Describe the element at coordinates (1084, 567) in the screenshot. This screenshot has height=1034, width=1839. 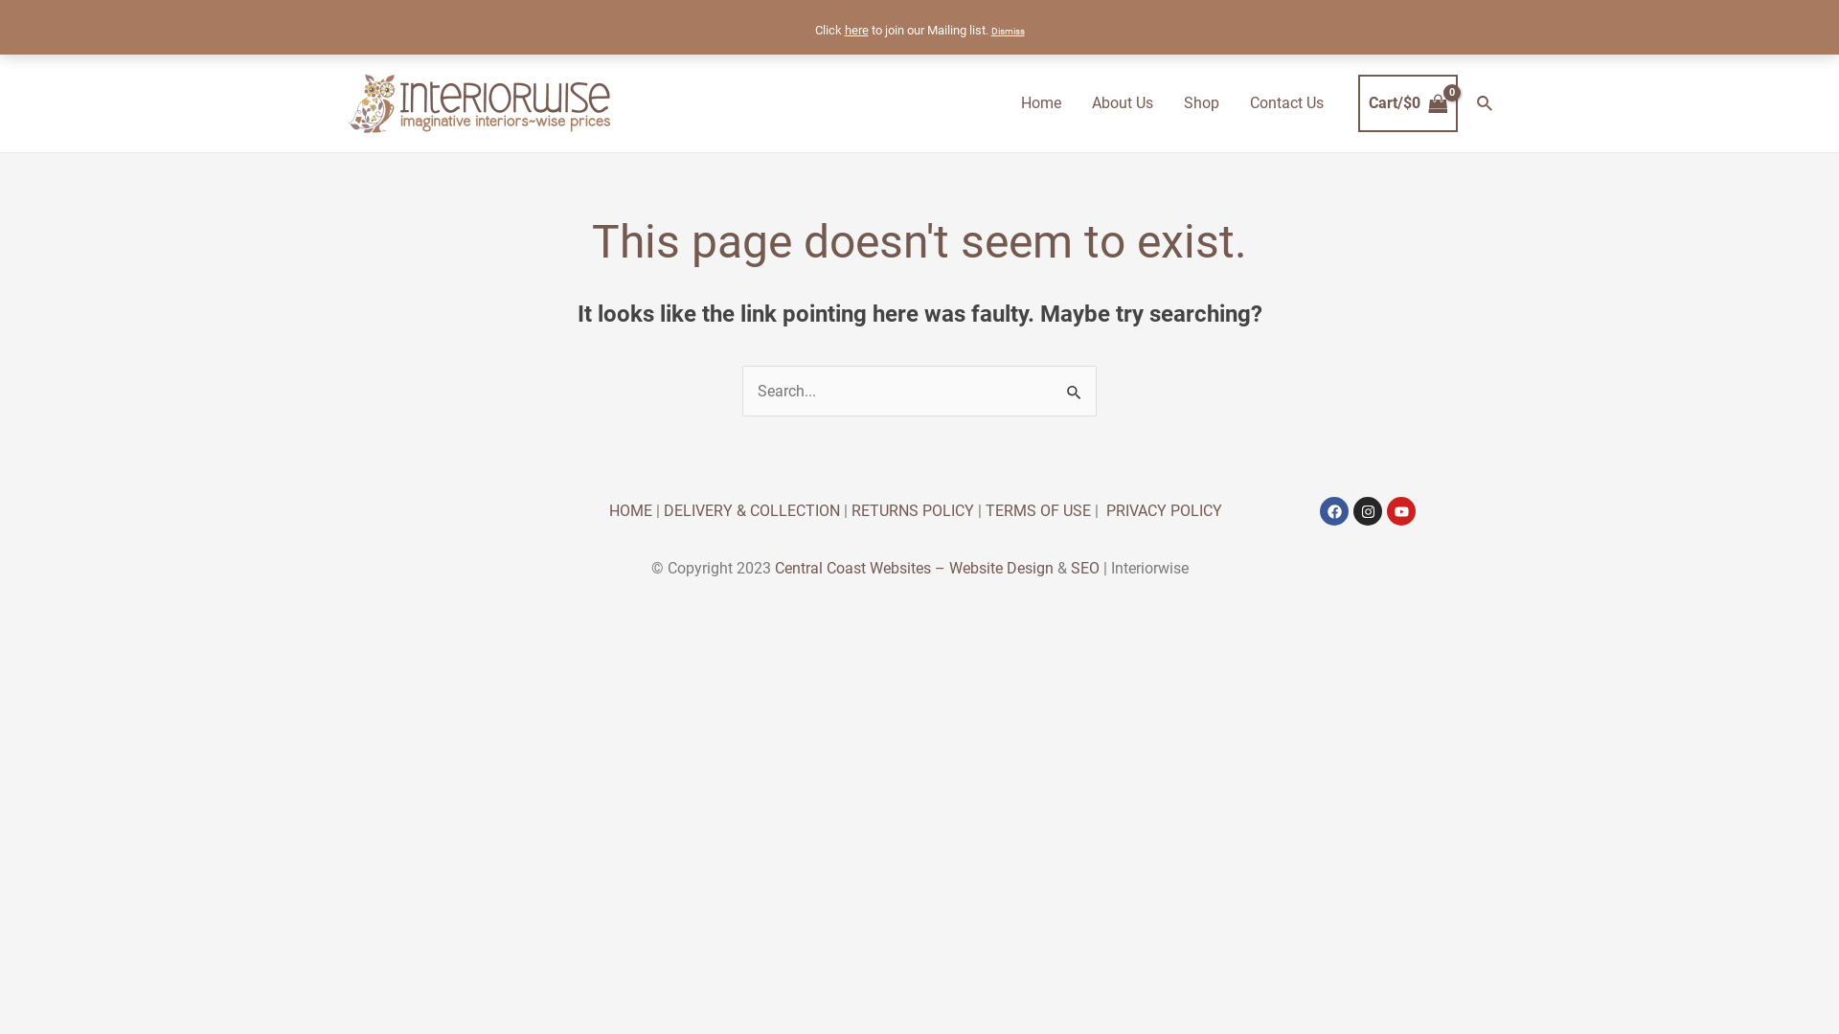
I see `'SEO'` at that location.